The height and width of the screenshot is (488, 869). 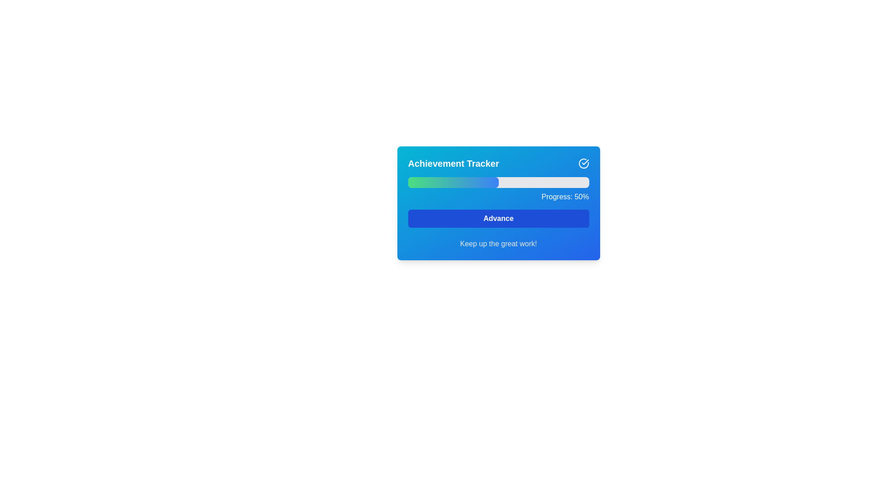 I want to click on the progress bar located in the 'Achievement Tracker' card, which has a light gray background and is filled halfway with a green to blue color gradient, indicating 50% completion, so click(x=498, y=183).